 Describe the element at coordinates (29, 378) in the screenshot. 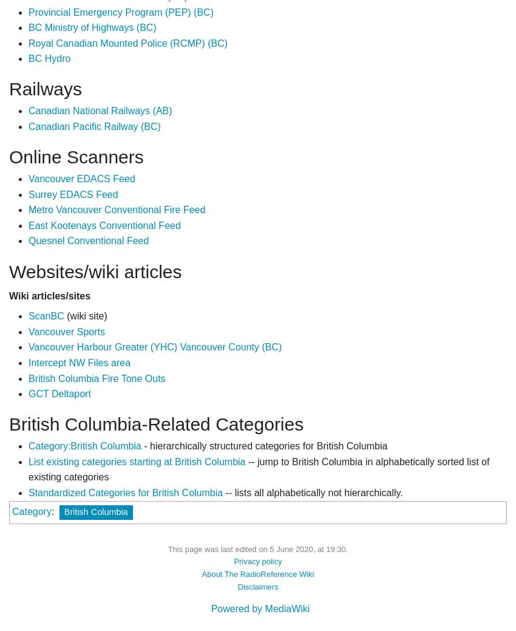

I see `'British Columbia Fire Tone Outs'` at that location.